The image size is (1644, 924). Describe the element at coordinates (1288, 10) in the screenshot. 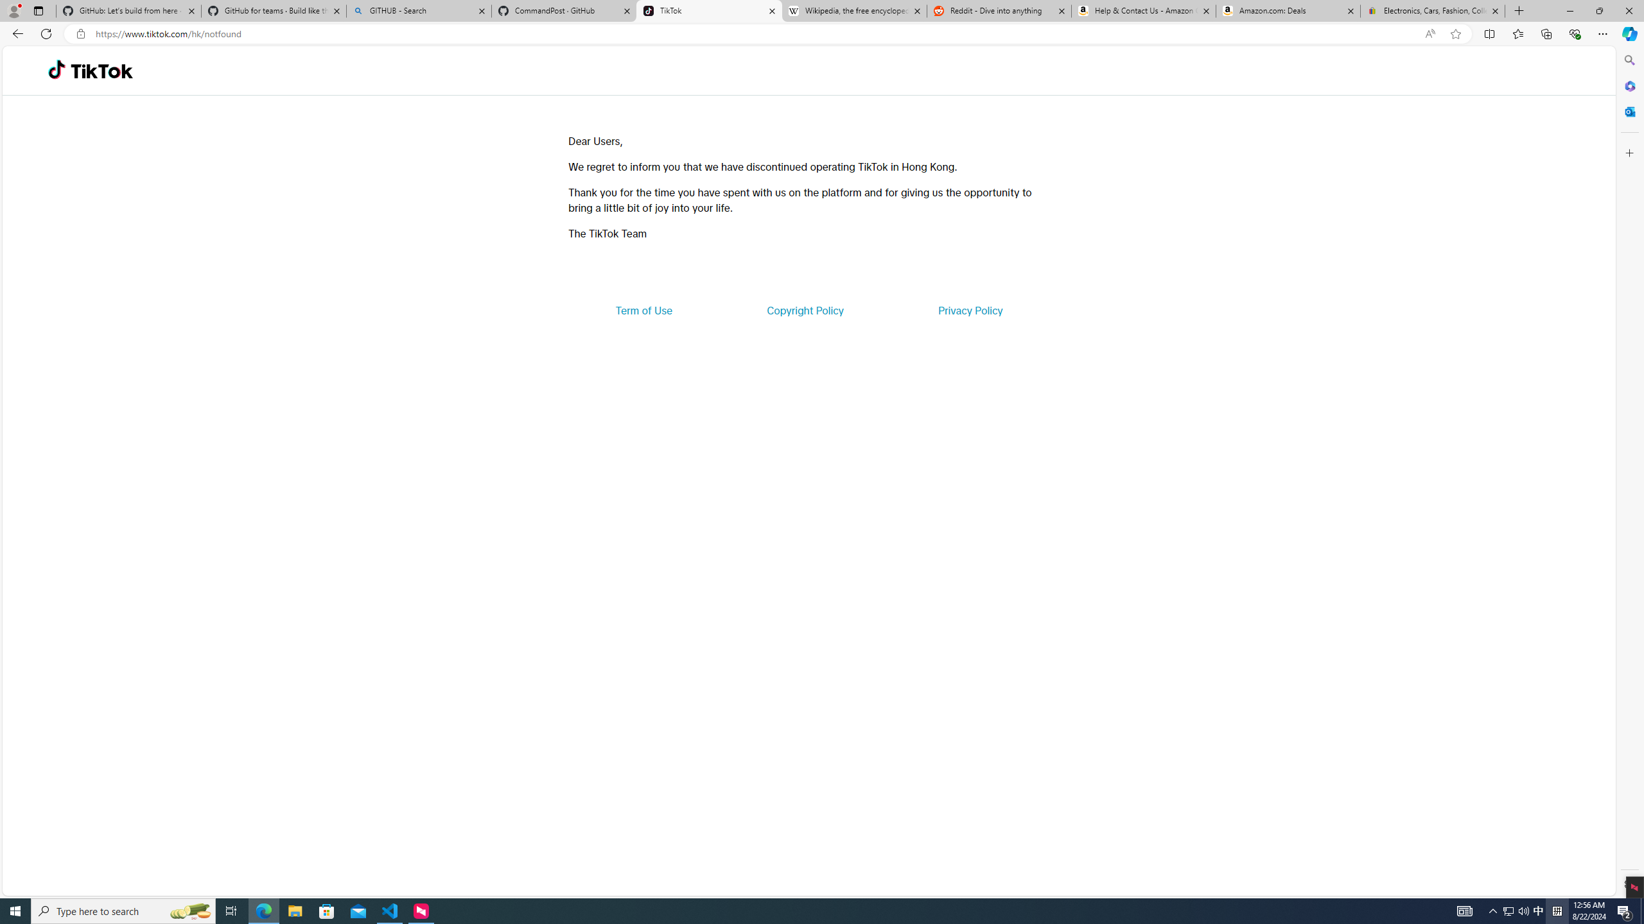

I see `'Amazon.com: Deals'` at that location.